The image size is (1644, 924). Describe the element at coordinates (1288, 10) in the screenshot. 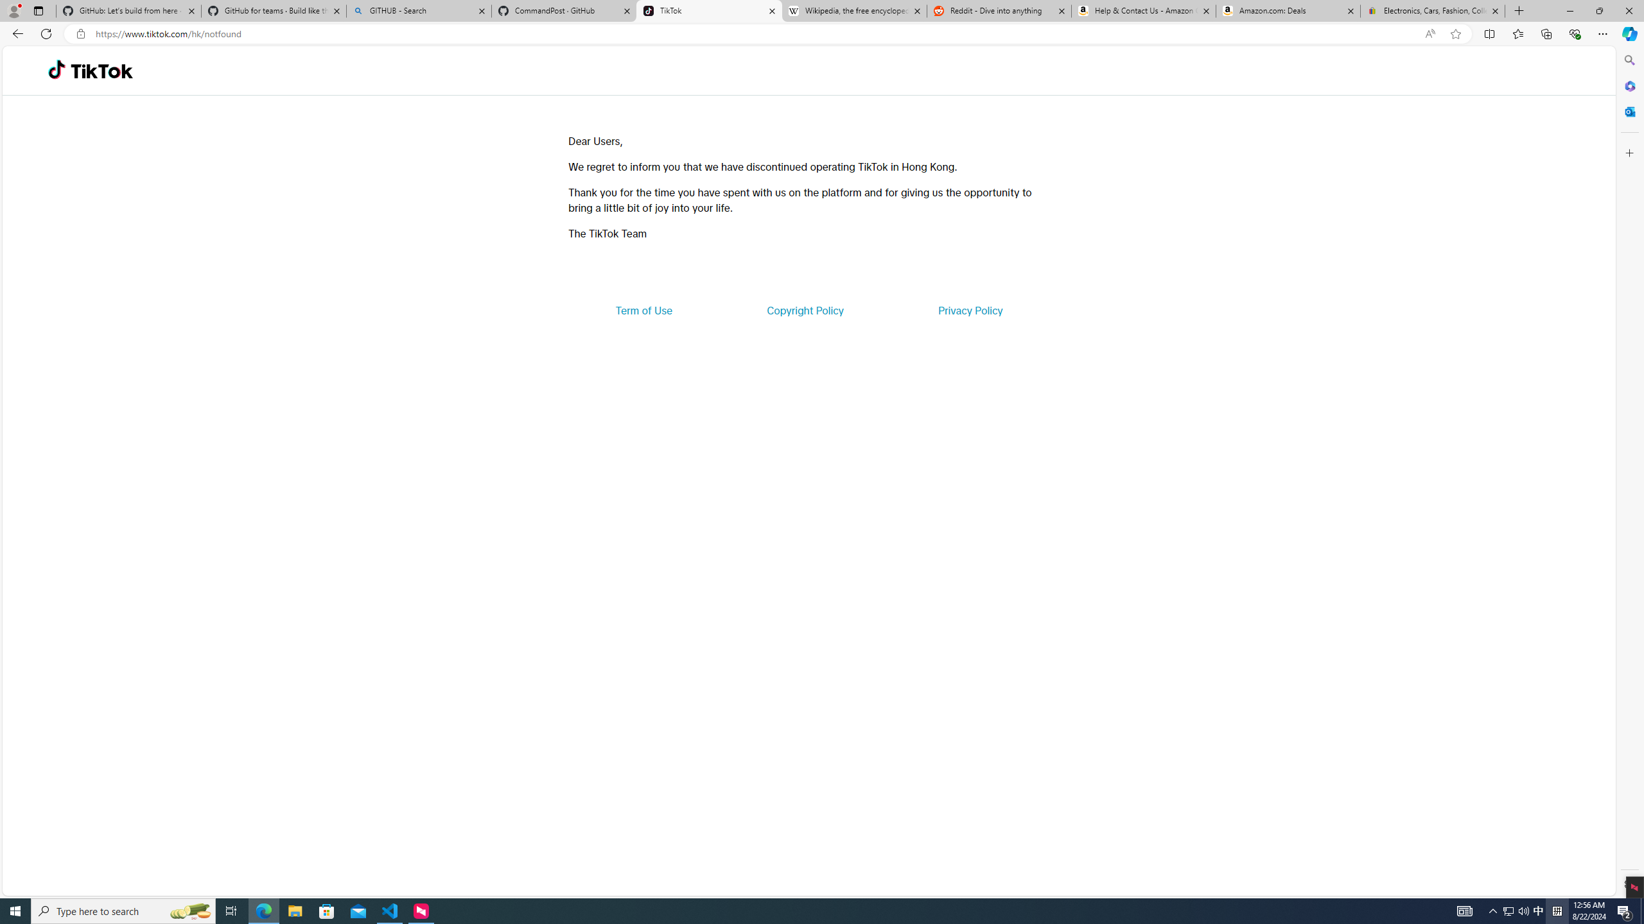

I see `'Amazon.com: Deals'` at that location.